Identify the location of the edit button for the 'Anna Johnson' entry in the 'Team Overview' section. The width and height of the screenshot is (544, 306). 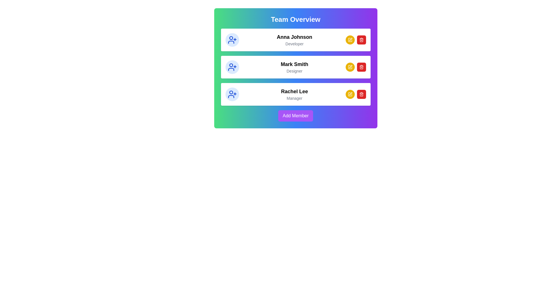
(350, 40).